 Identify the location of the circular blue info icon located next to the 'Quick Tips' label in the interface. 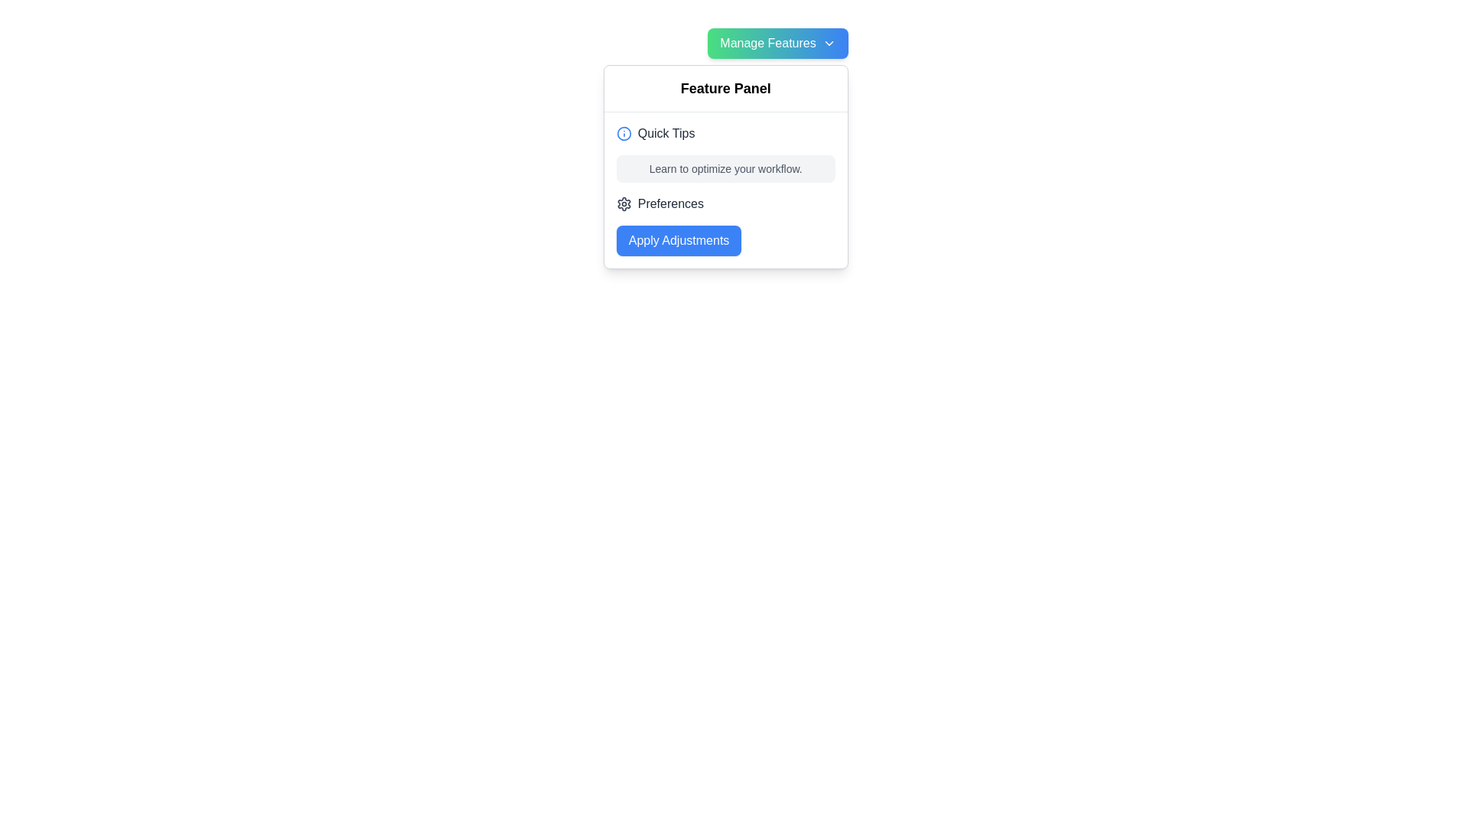
(624, 132).